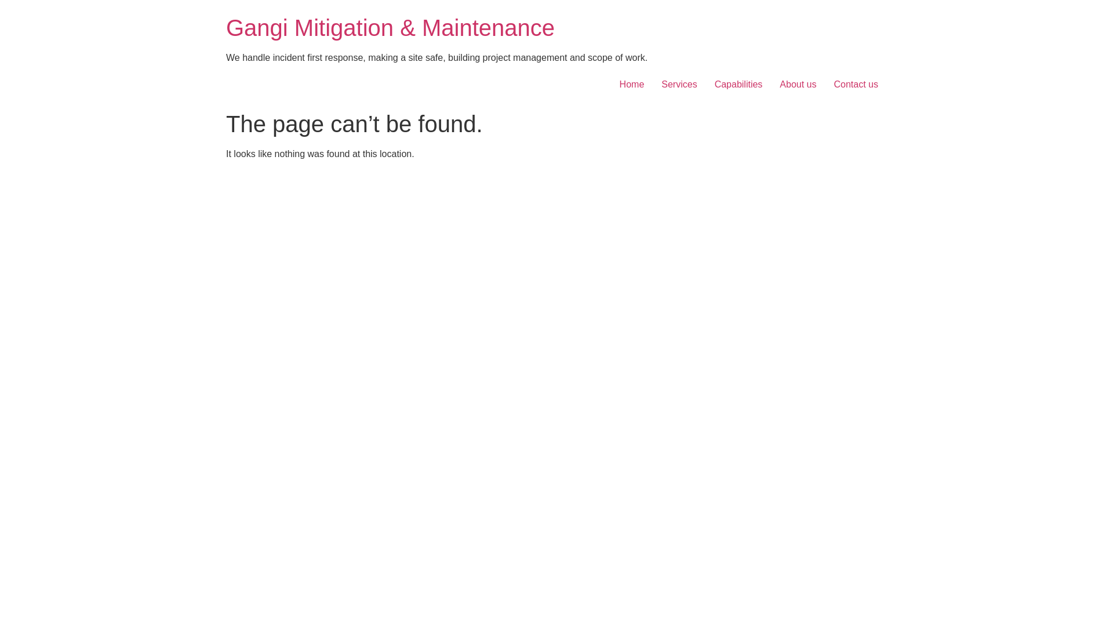 The width and height of the screenshot is (1113, 626). What do you see at coordinates (797, 84) in the screenshot?
I see `'About us'` at bounding box center [797, 84].